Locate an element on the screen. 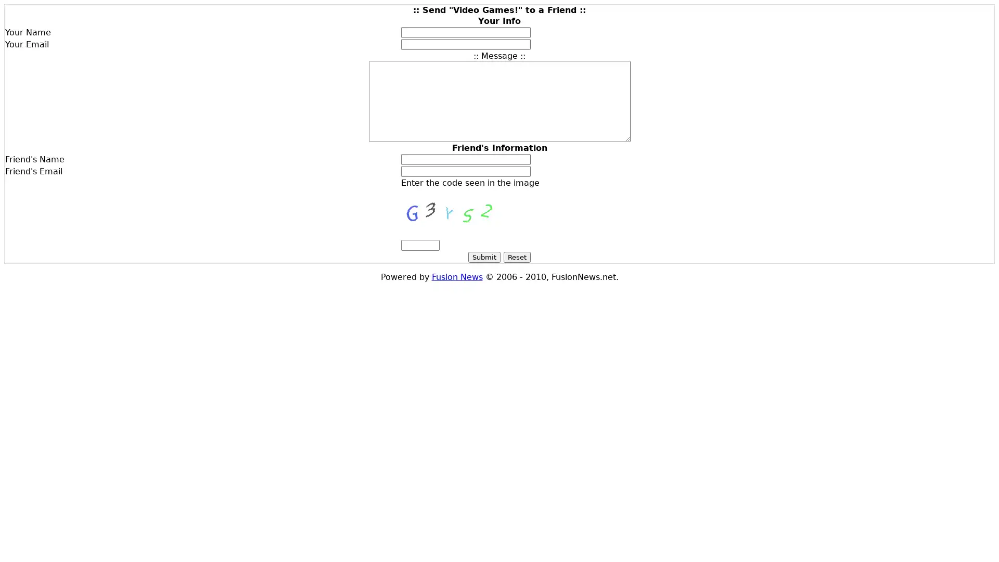 This screenshot has height=562, width=999. Submit is located at coordinates (484, 257).